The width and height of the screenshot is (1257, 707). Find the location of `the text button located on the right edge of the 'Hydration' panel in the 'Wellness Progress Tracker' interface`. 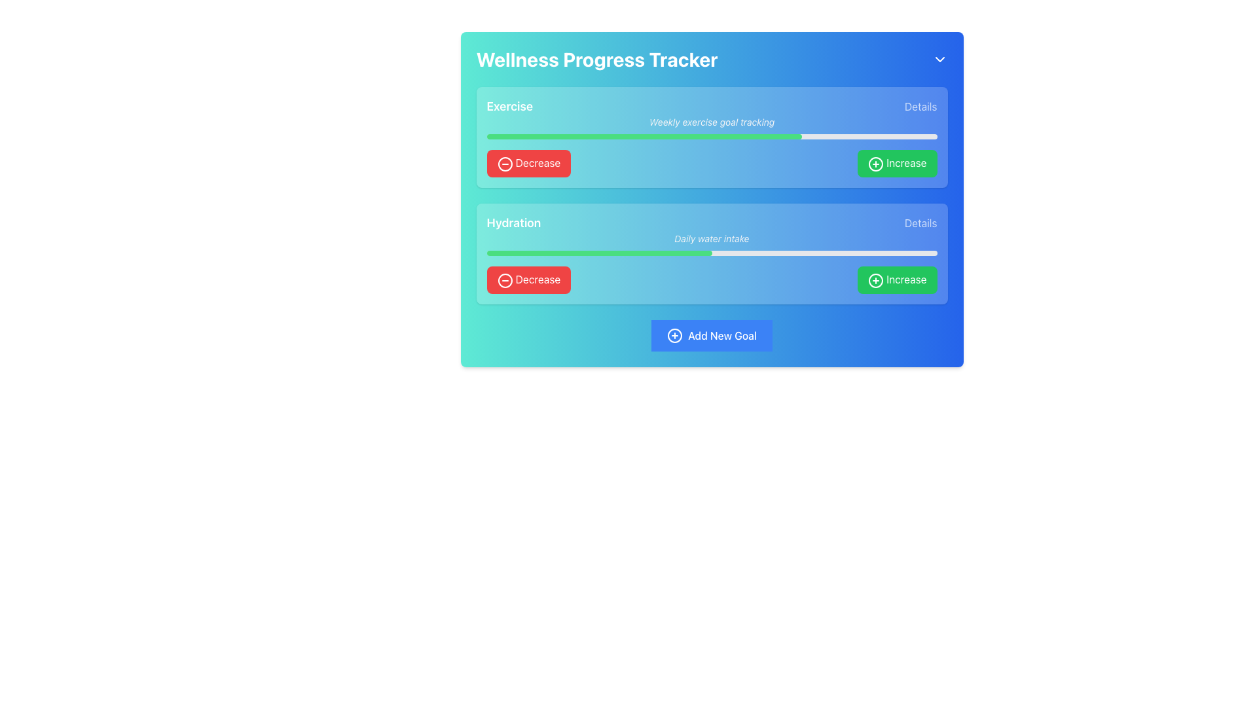

the text button located on the right edge of the 'Hydration' panel in the 'Wellness Progress Tracker' interface is located at coordinates (920, 222).